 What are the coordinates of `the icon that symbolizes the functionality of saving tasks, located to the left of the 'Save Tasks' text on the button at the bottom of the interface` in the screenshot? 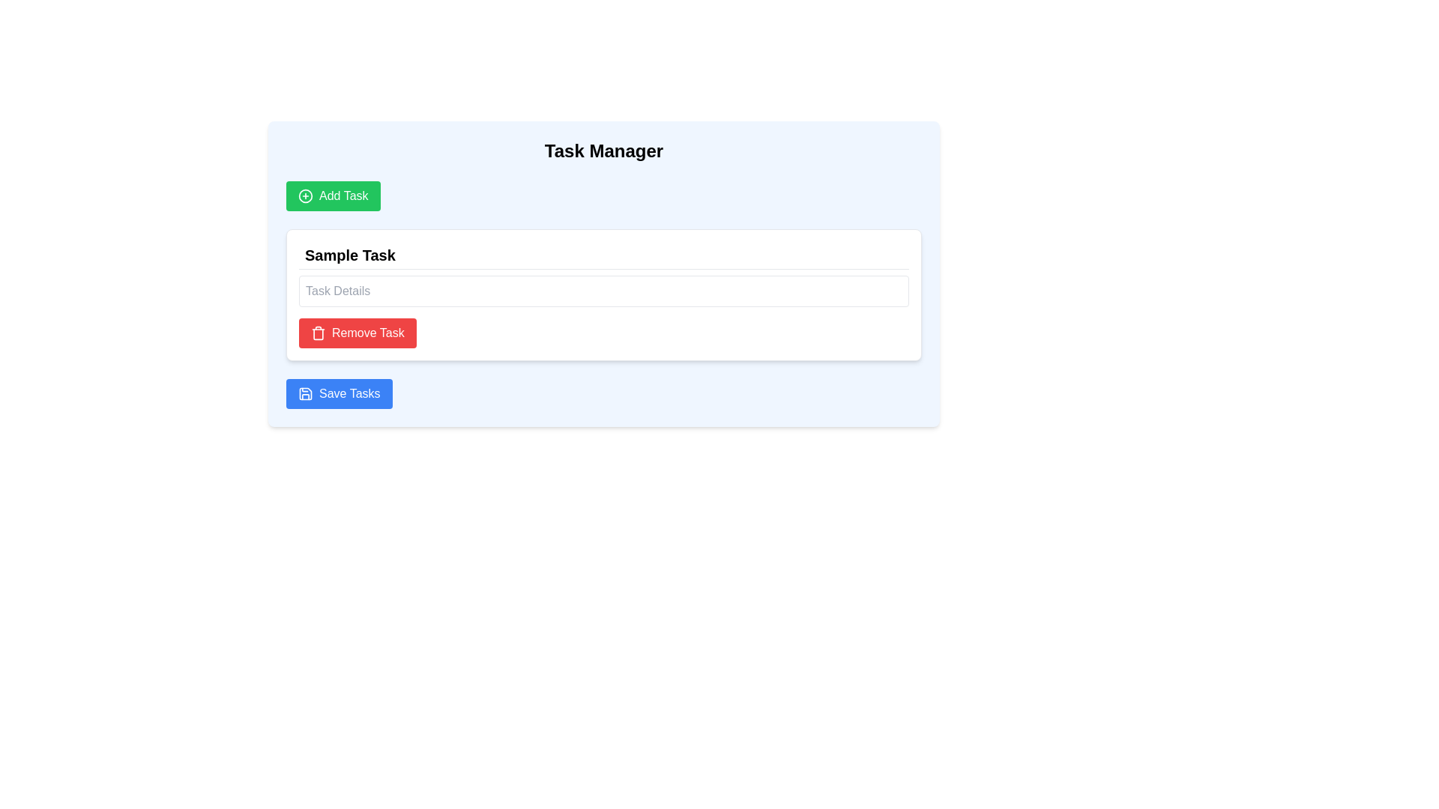 It's located at (305, 393).